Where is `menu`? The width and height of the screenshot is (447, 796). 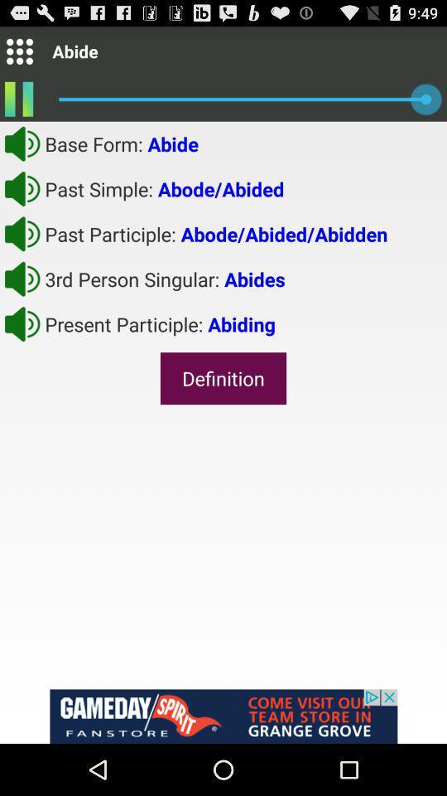 menu is located at coordinates (18, 51).